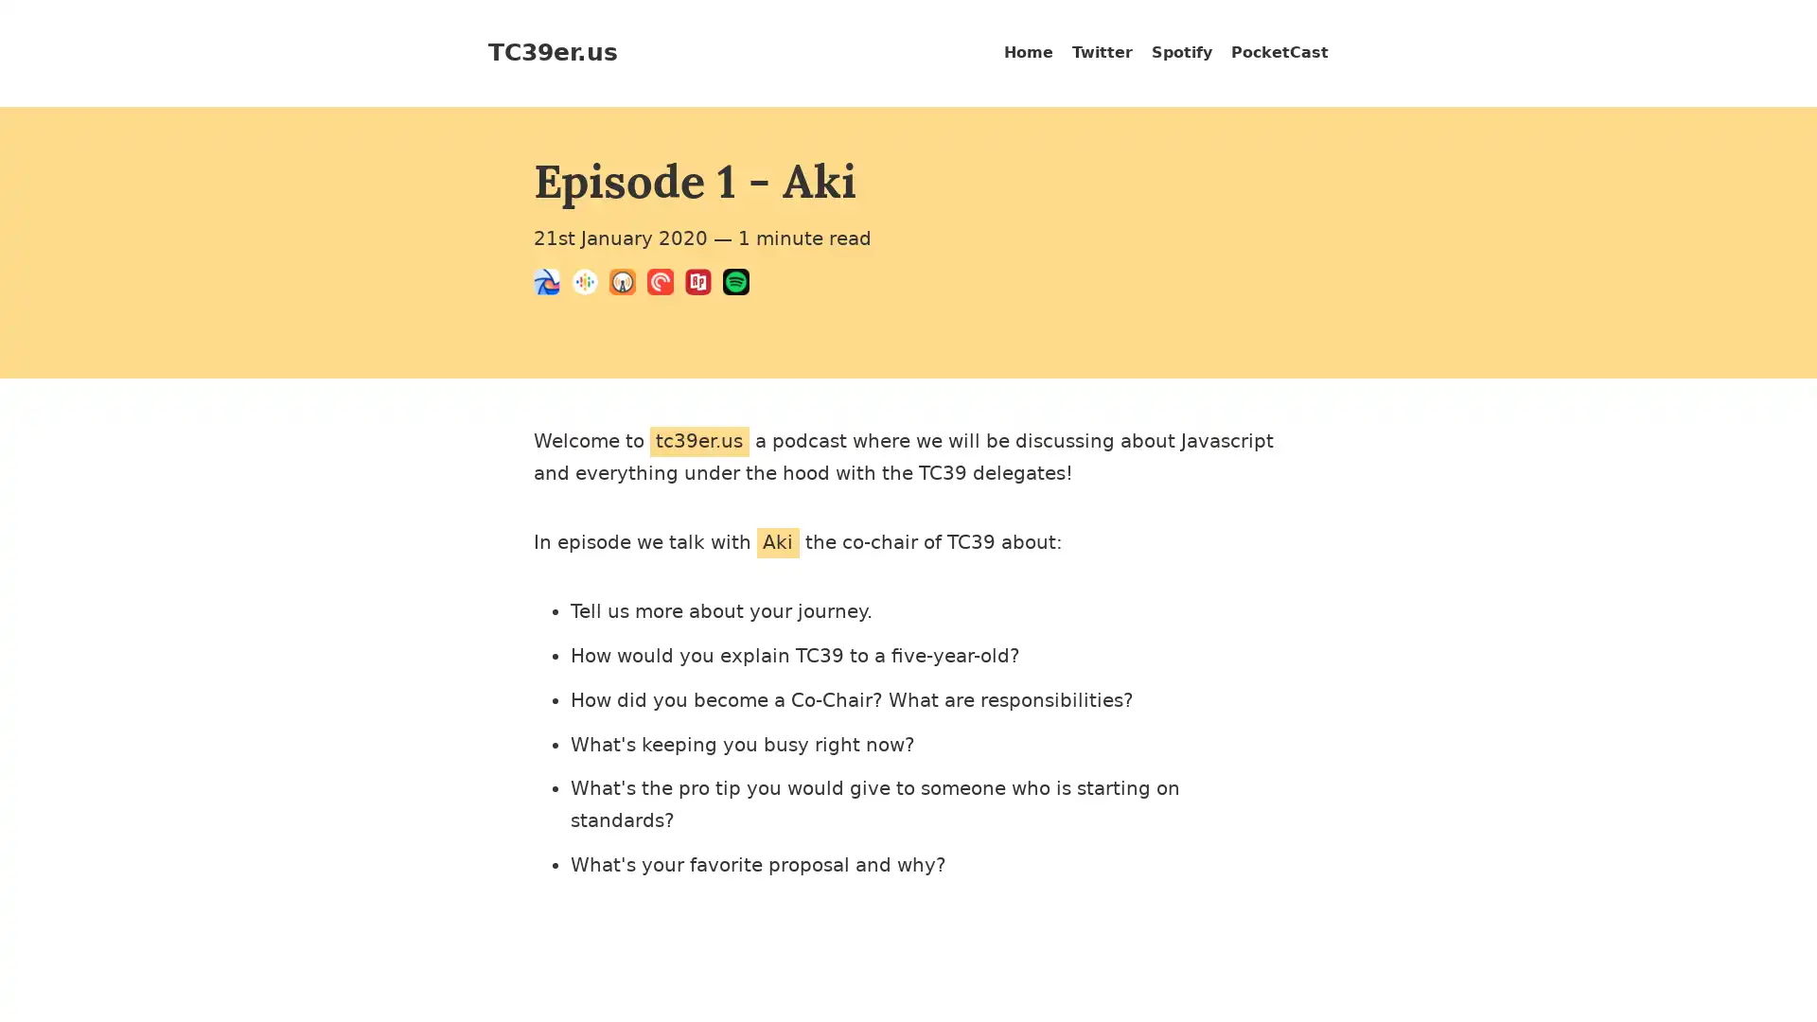 The image size is (1817, 1022). I want to click on RadioPublic Logo, so click(703, 285).